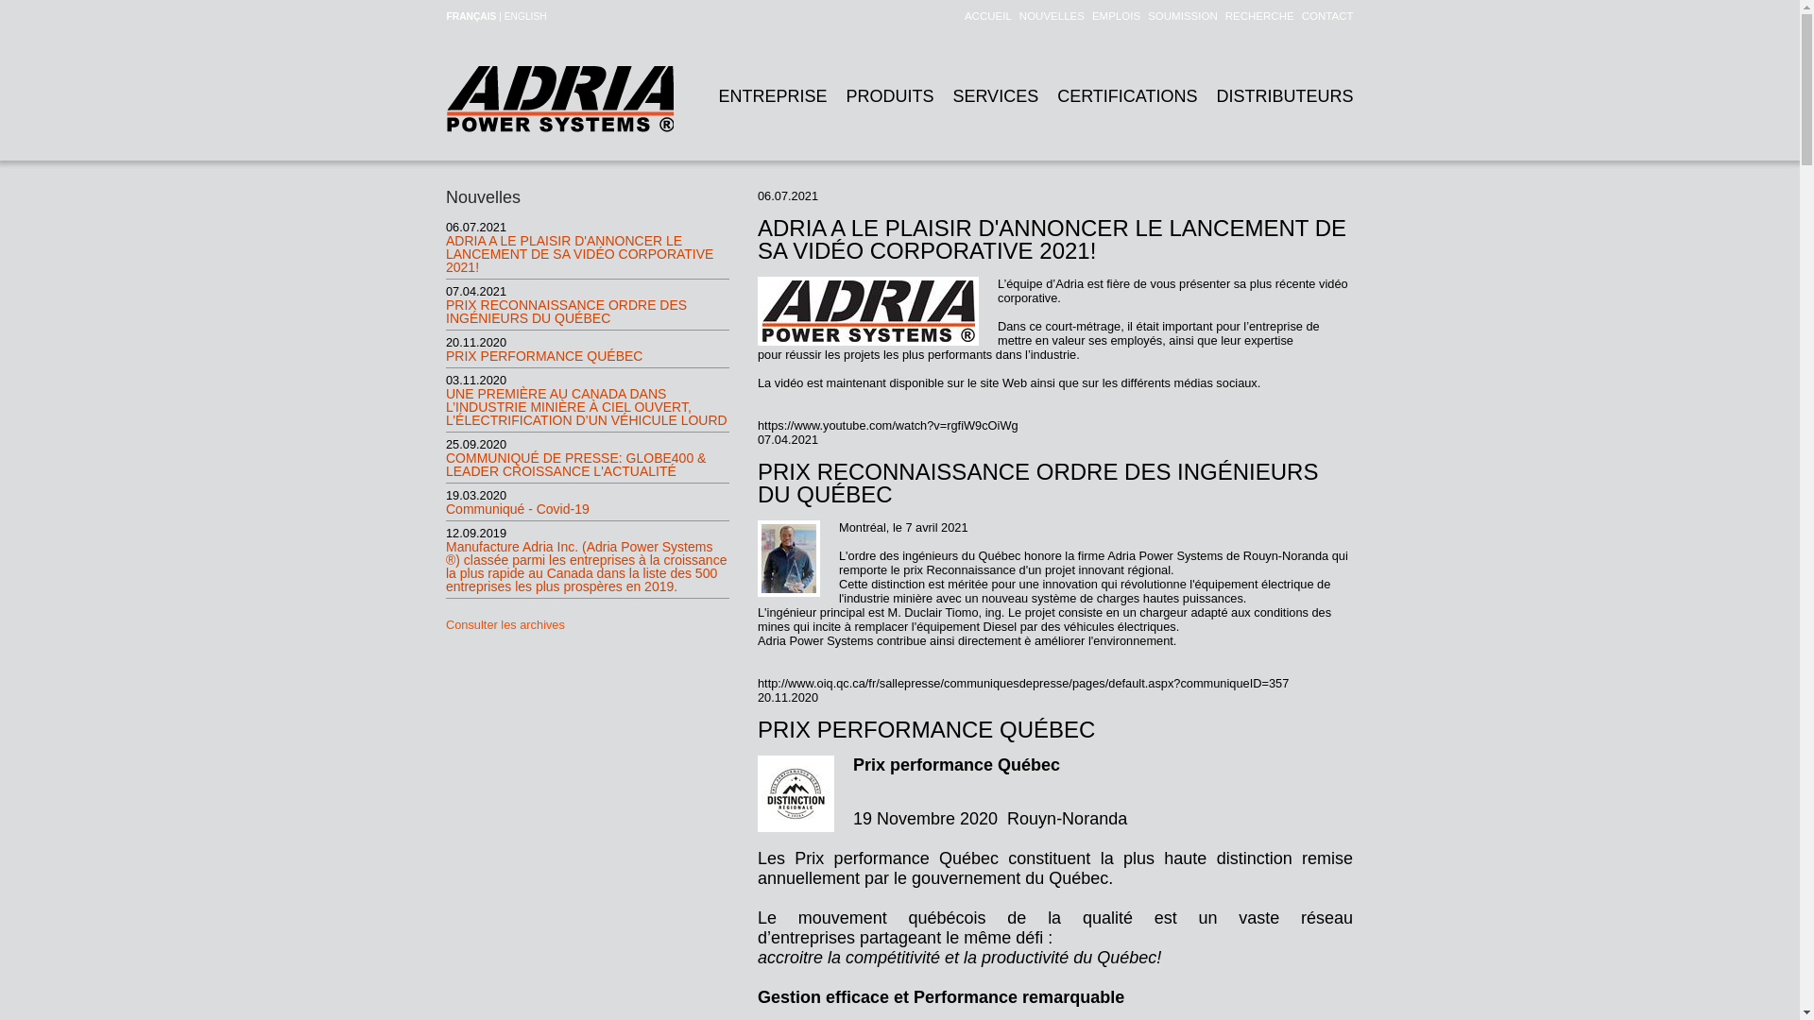  I want to click on 'CONTACT', so click(1323, 15).